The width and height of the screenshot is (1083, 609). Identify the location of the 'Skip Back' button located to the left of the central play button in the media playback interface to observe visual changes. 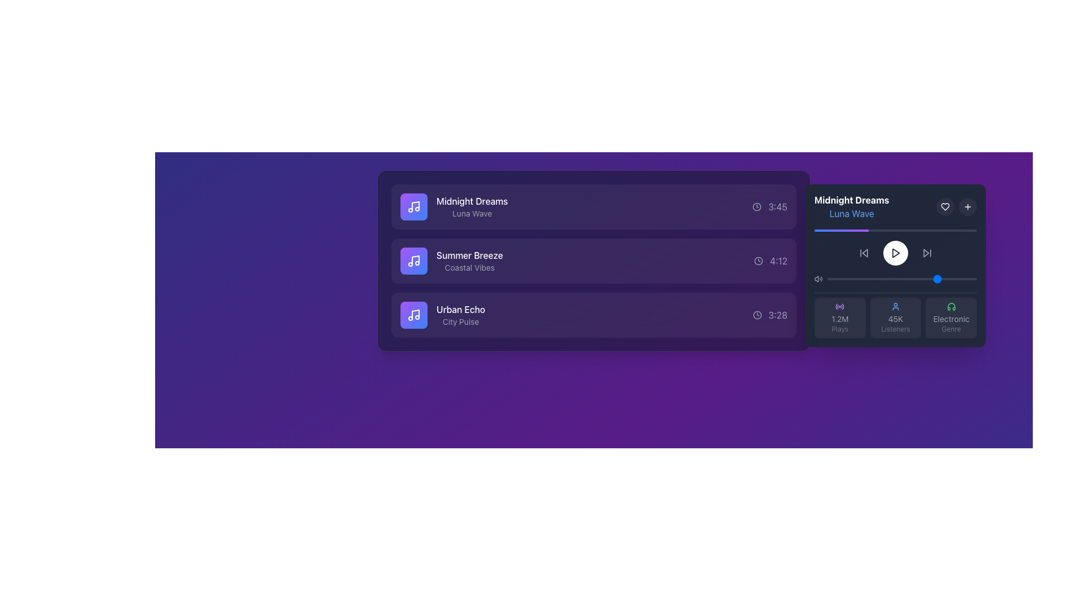
(863, 252).